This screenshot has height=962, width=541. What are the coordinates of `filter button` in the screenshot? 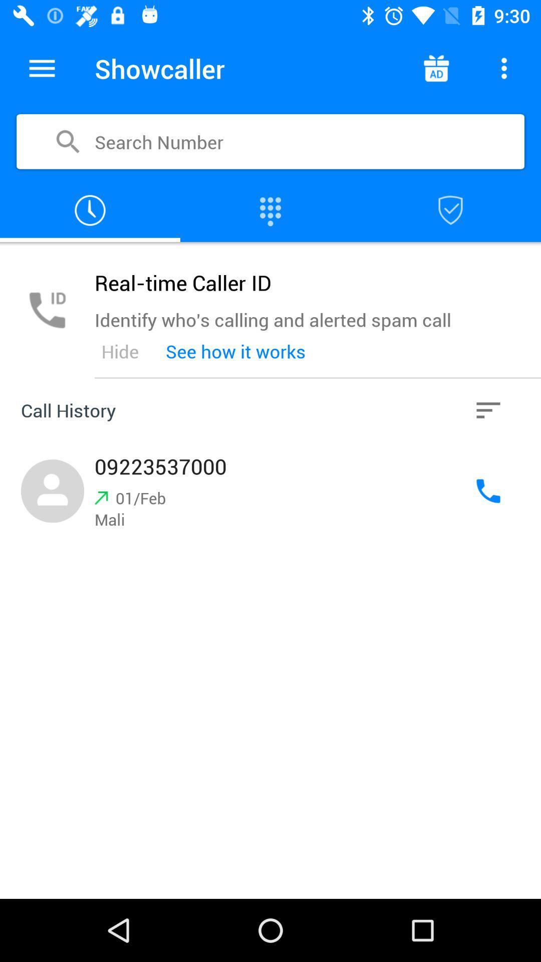 It's located at (488, 410).